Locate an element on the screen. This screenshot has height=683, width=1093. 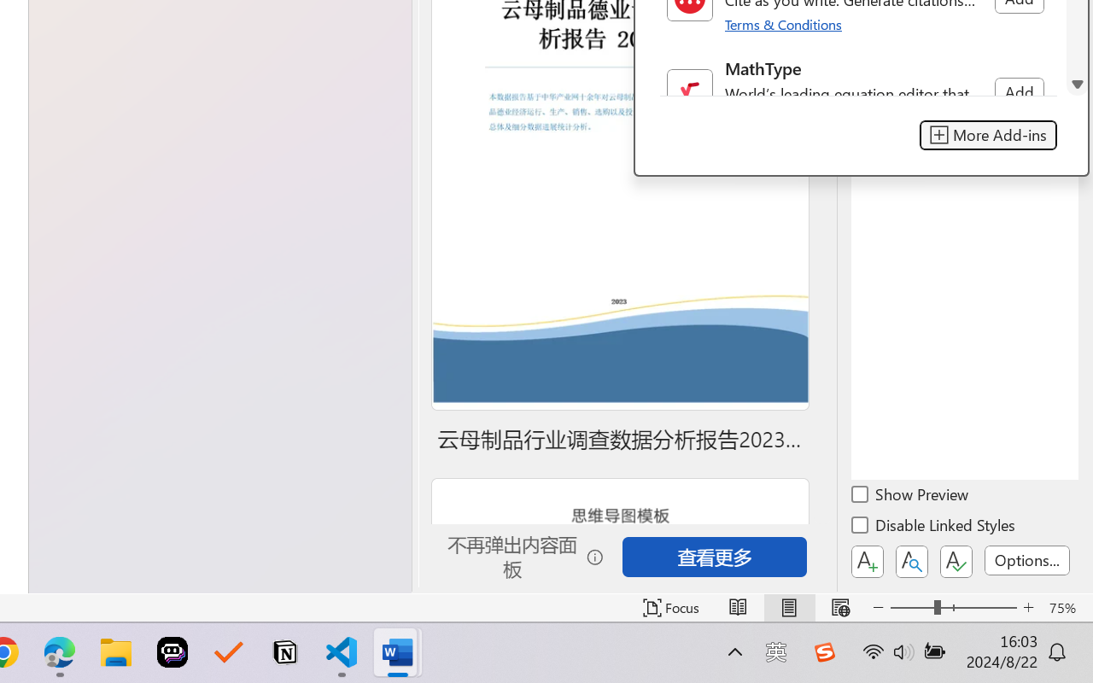
'Class: NetUIButton' is located at coordinates (956, 561).